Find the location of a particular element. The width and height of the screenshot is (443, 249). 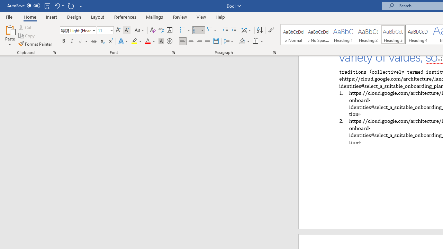

'Bold' is located at coordinates (63, 41).